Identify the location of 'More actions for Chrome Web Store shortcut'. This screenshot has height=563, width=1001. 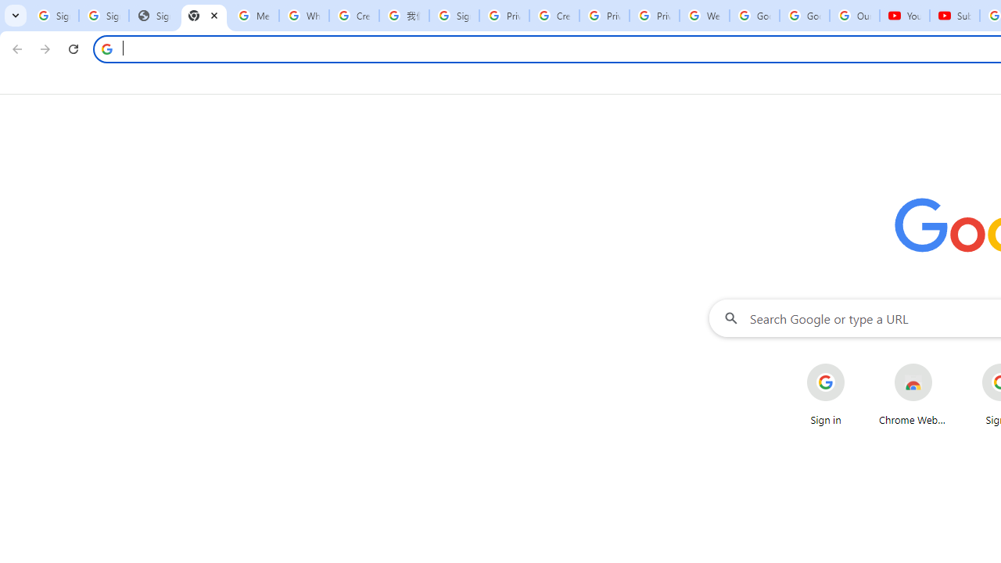
(944, 364).